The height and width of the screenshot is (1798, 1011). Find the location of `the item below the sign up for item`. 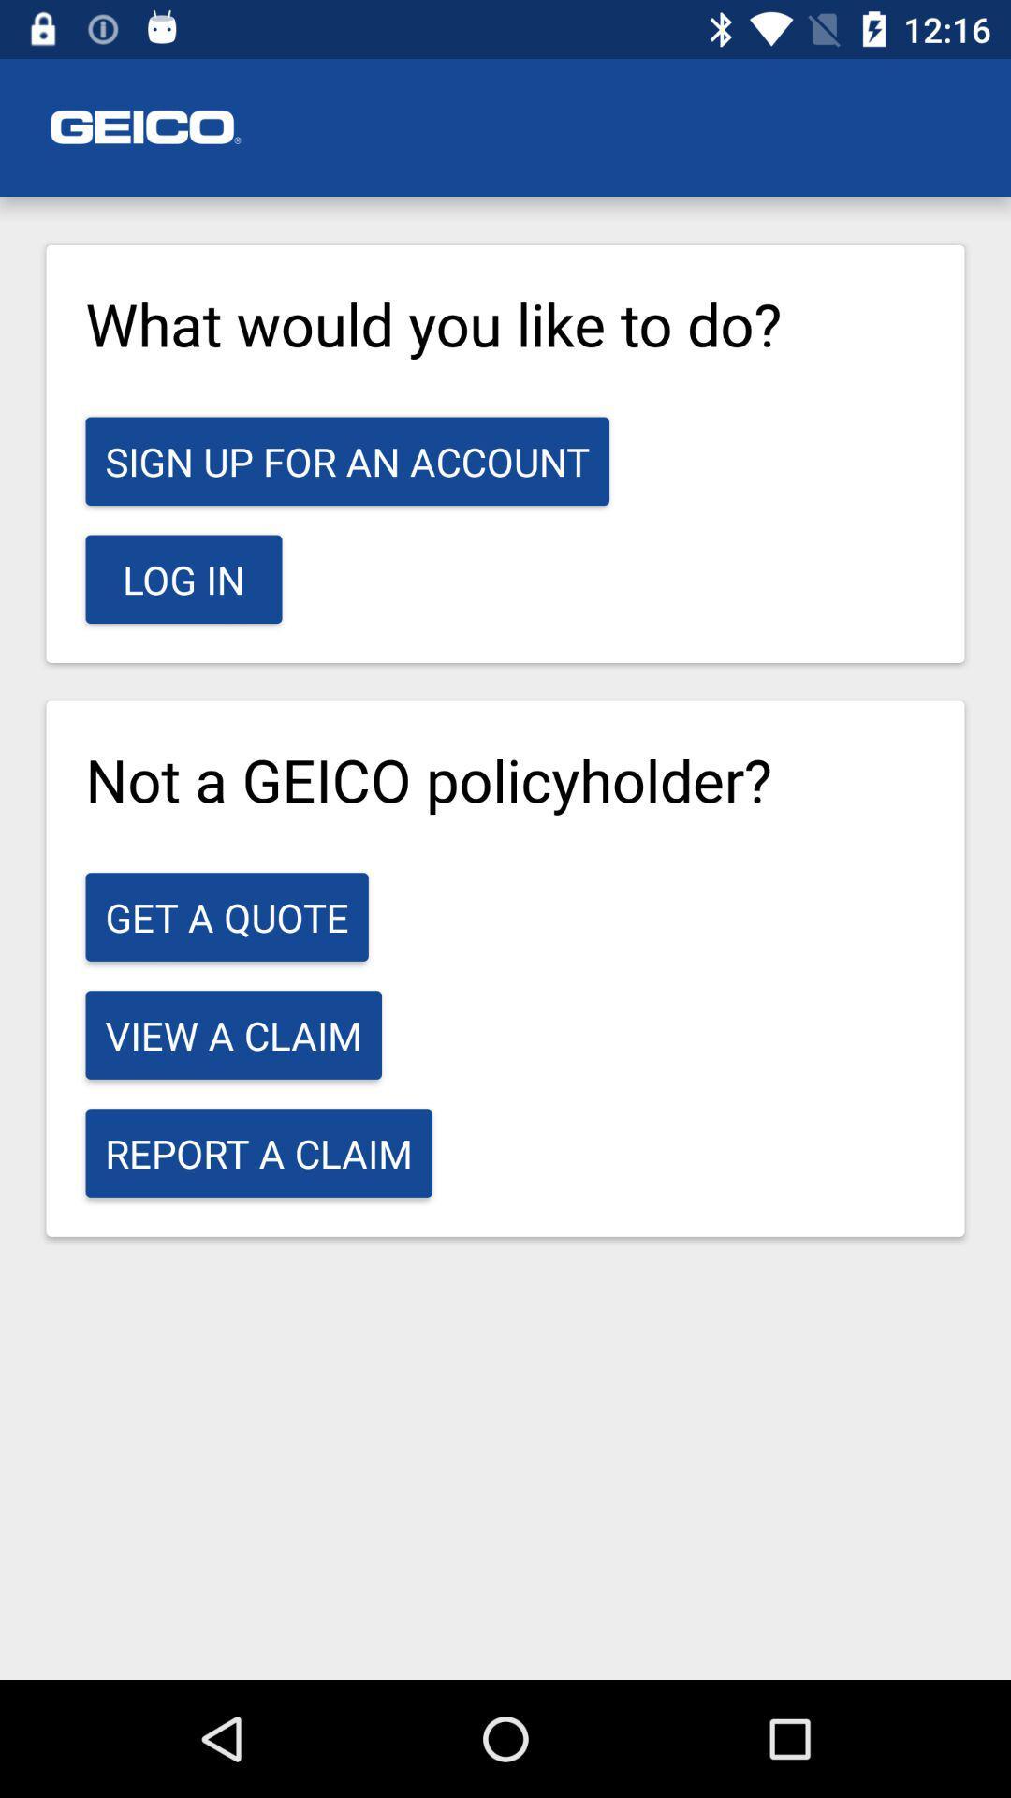

the item below the sign up for item is located at coordinates (183, 578).